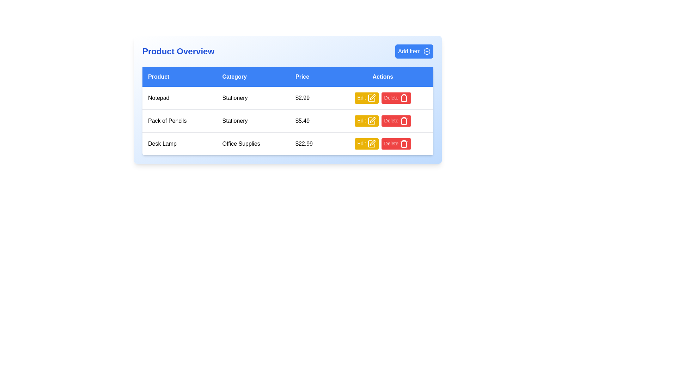 This screenshot has width=677, height=381. I want to click on the text element displaying the price '$22.99' located in the 'Price' column of the table, positioned in the third row, adjacent to 'Office Supplies' on the left and 'Edit' and 'Delete' buttons on the right, so click(311, 143).